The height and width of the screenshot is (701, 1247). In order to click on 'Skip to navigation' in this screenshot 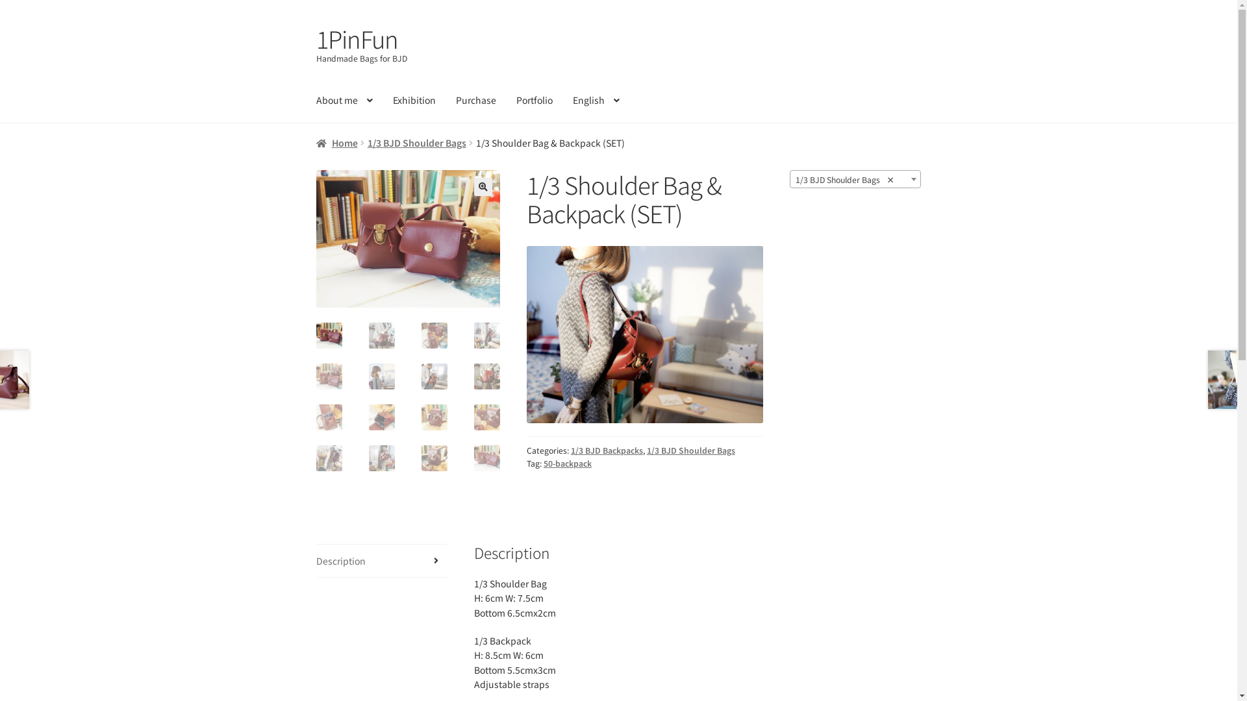, I will do `click(316, 23)`.